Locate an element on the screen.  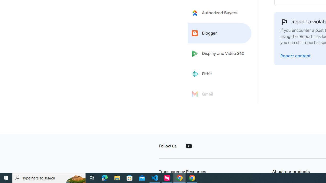
'Blogger' is located at coordinates (220, 33).